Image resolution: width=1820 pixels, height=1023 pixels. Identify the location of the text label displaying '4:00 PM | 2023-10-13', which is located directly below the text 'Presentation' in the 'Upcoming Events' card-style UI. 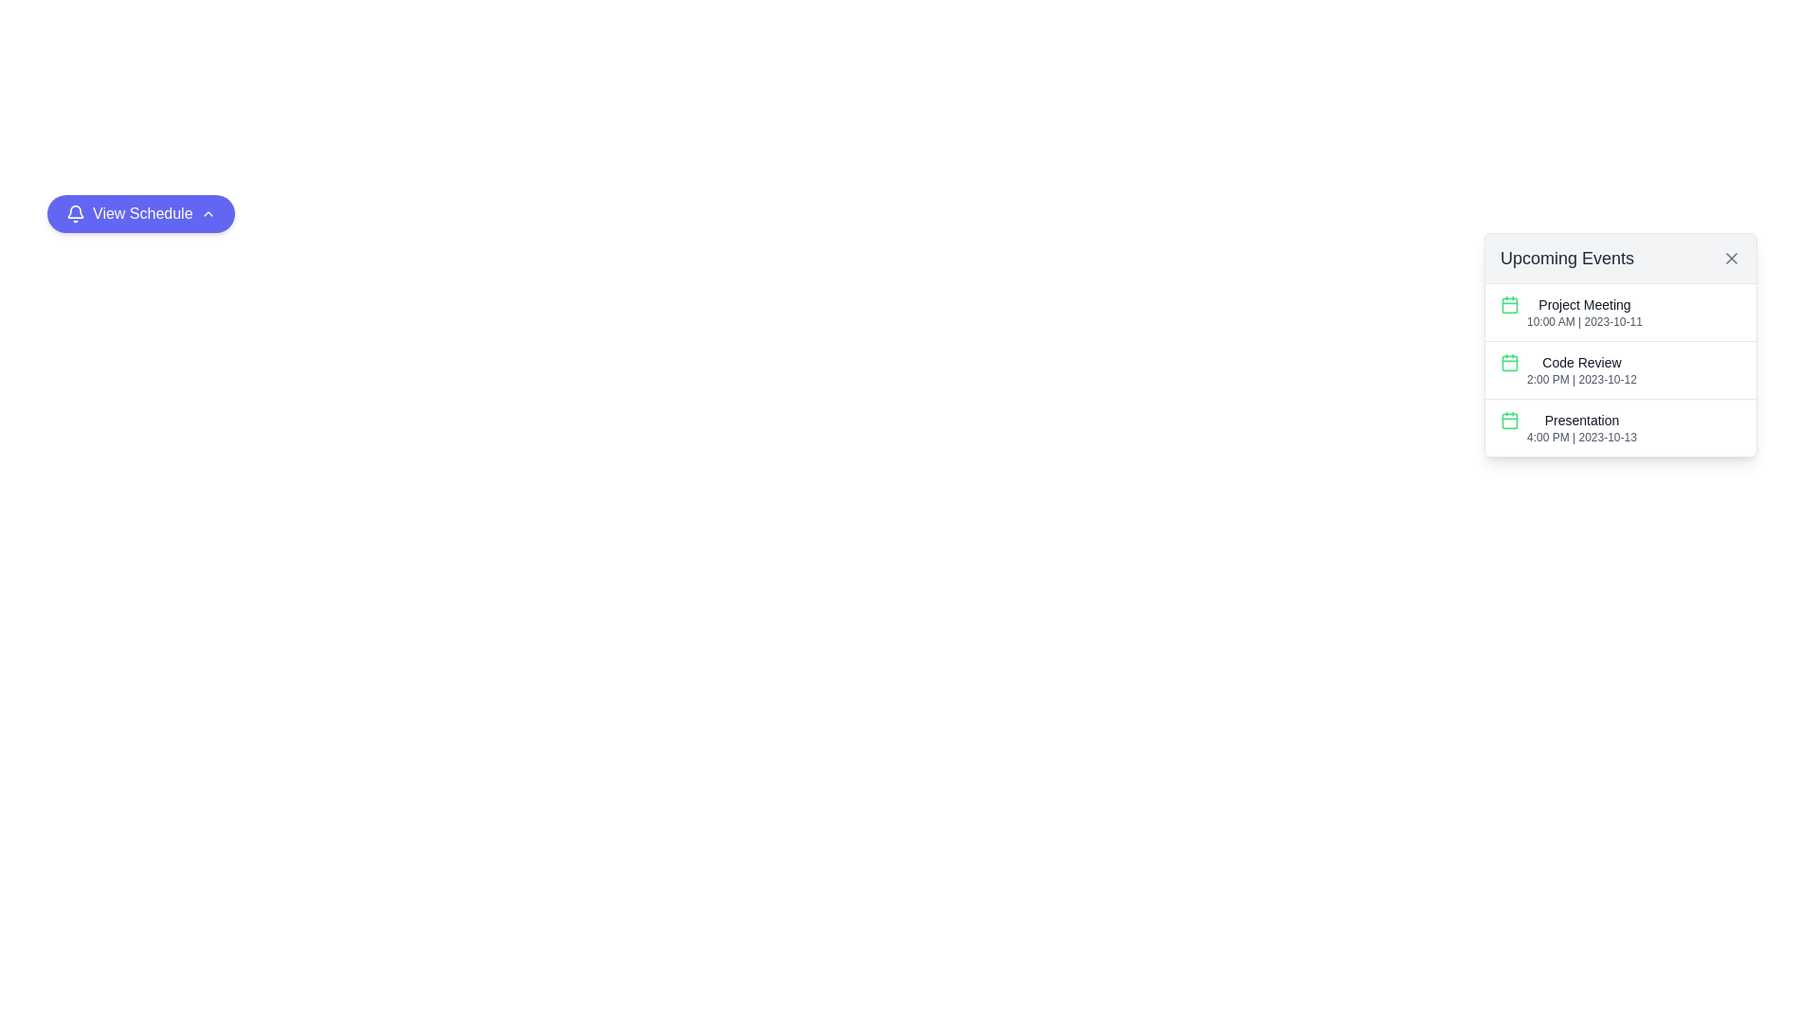
(1581, 438).